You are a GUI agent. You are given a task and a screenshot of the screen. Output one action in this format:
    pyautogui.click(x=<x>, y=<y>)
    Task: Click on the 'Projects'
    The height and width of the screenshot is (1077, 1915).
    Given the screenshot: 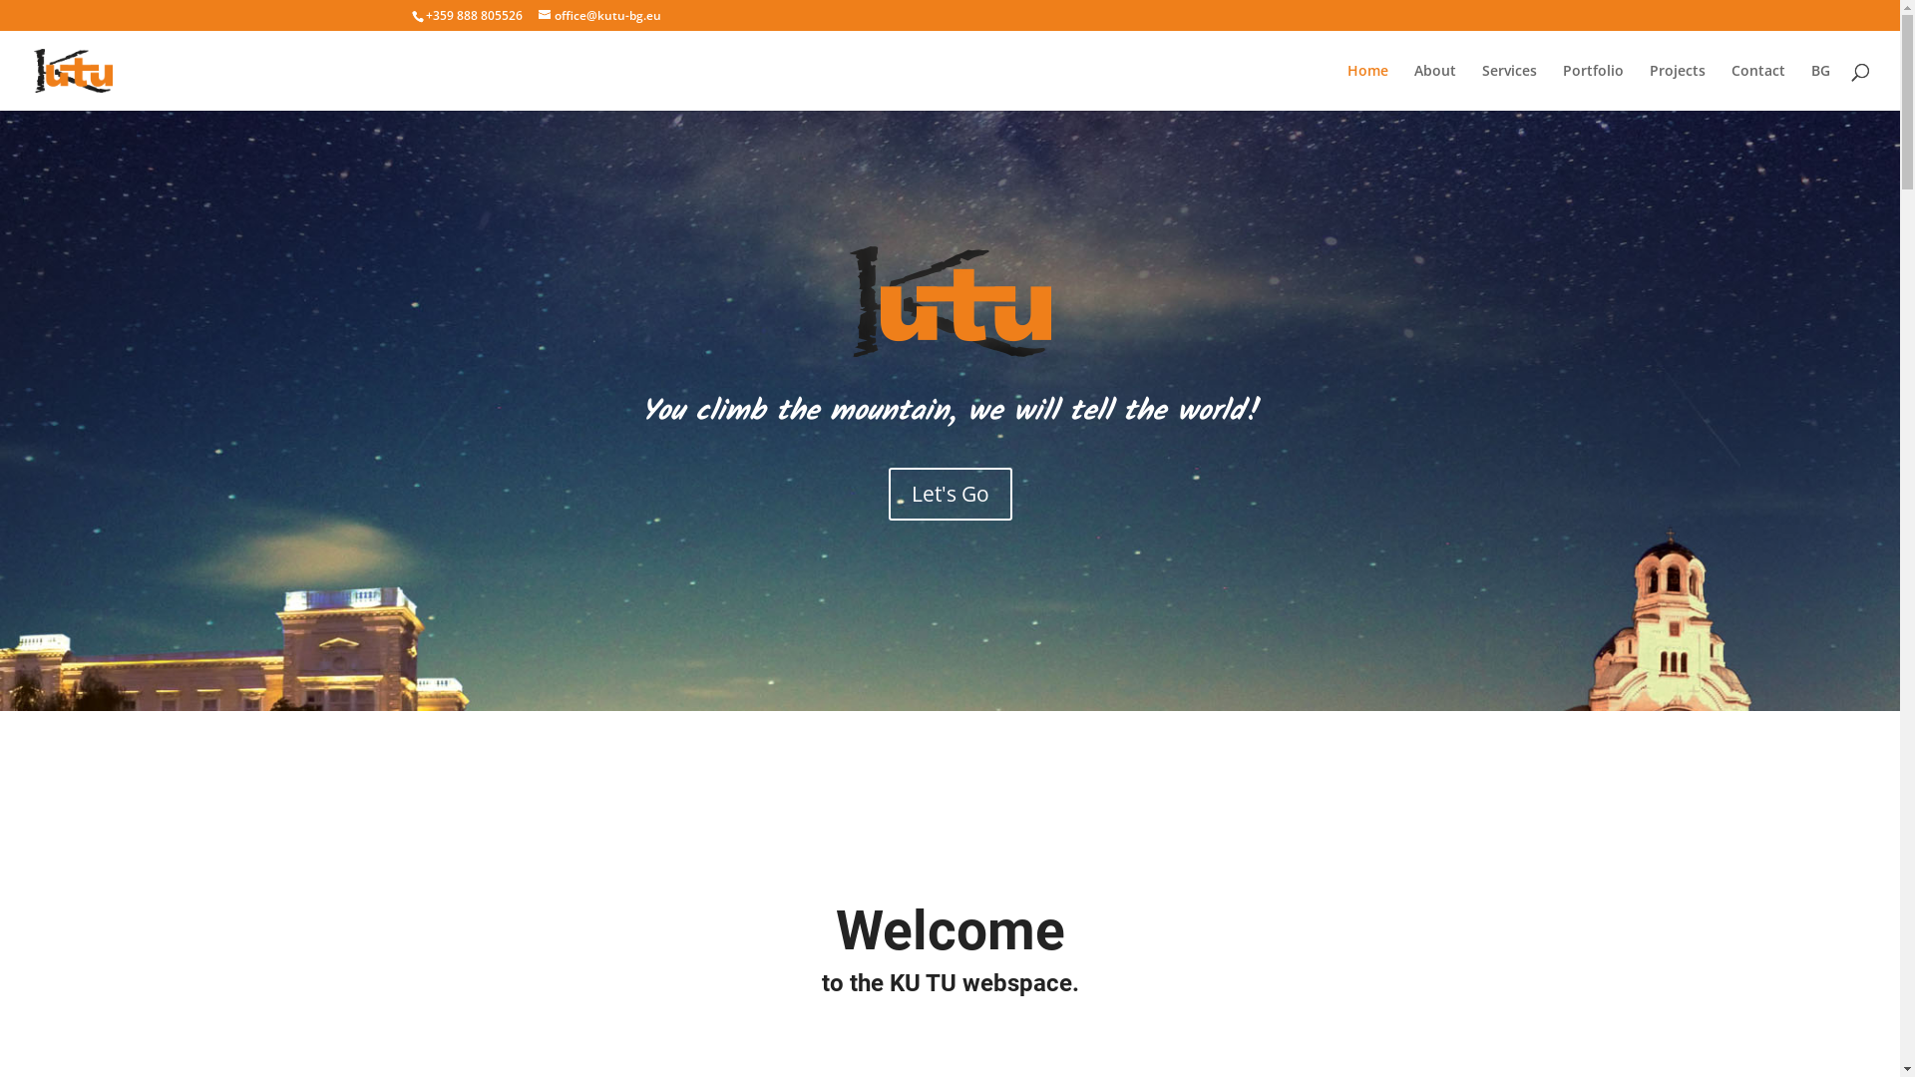 What is the action you would take?
    pyautogui.click(x=1676, y=86)
    